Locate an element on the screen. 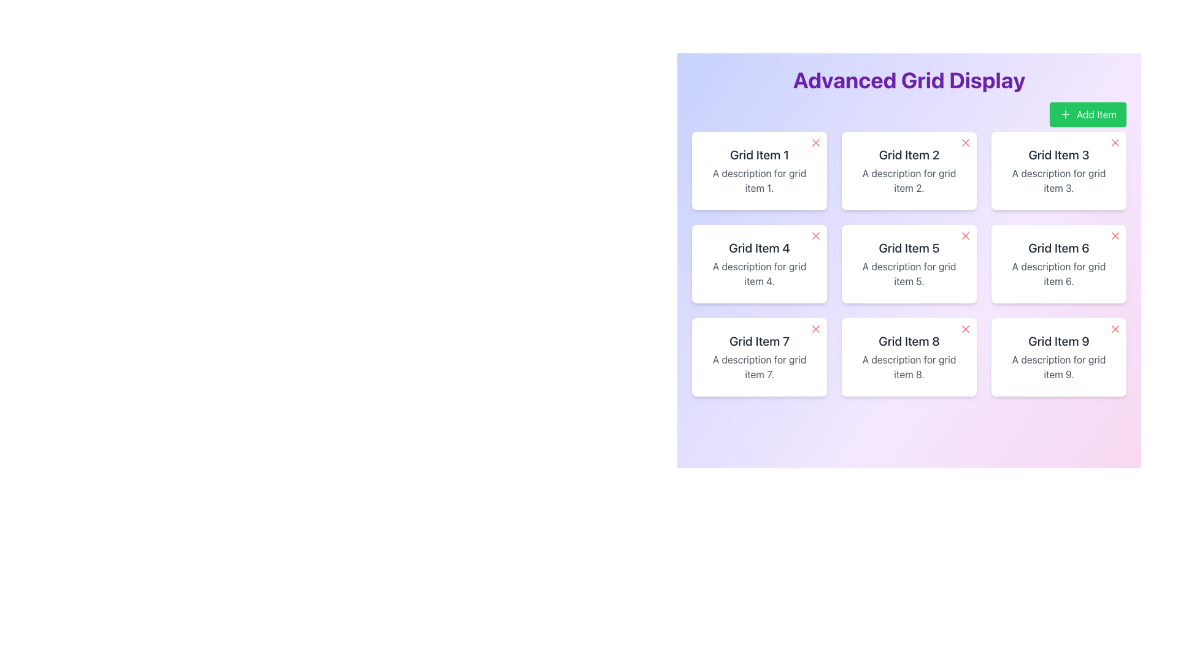 The height and width of the screenshot is (662, 1178). the static text displaying 'Grid Item 7', which is located in the first column of the second row in a 3x3 grid layout, centered within a white tile is located at coordinates (759, 341).